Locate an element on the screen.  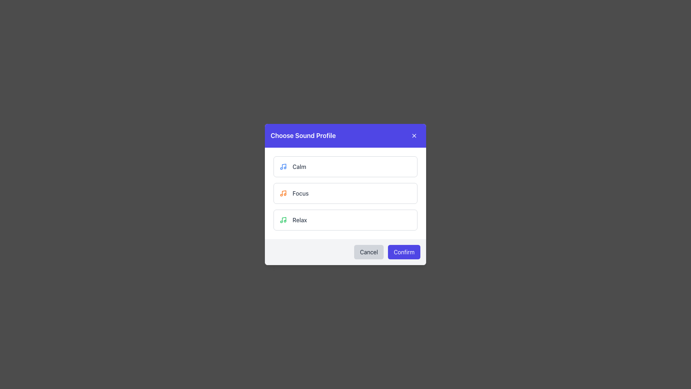
the 'X' icon button located in the top-right corner of the 'Choose Sound Profile' modal dialog is located at coordinates (414, 136).